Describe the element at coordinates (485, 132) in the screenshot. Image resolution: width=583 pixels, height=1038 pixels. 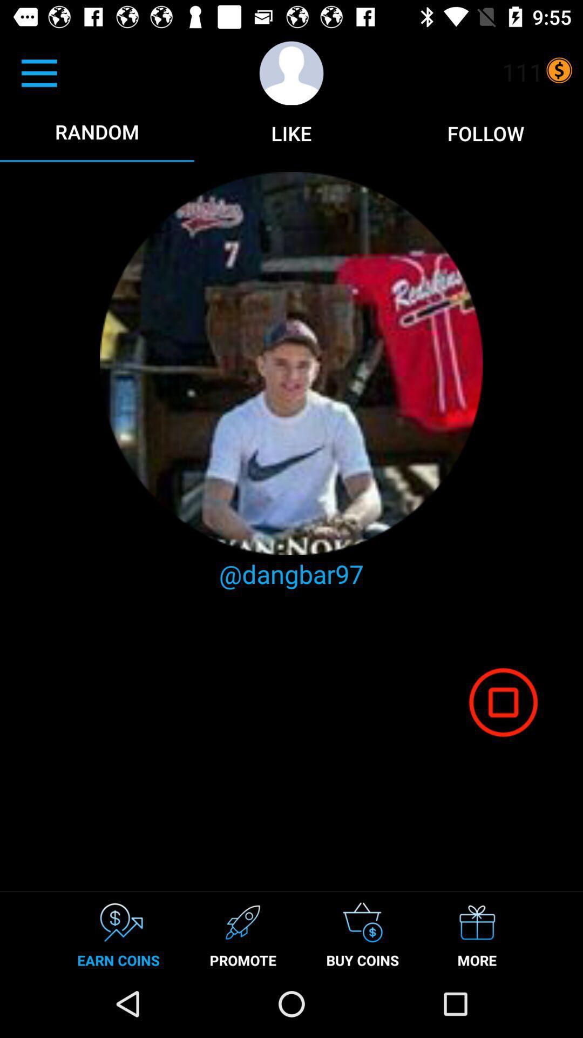
I see `the option that is to the right of  like` at that location.